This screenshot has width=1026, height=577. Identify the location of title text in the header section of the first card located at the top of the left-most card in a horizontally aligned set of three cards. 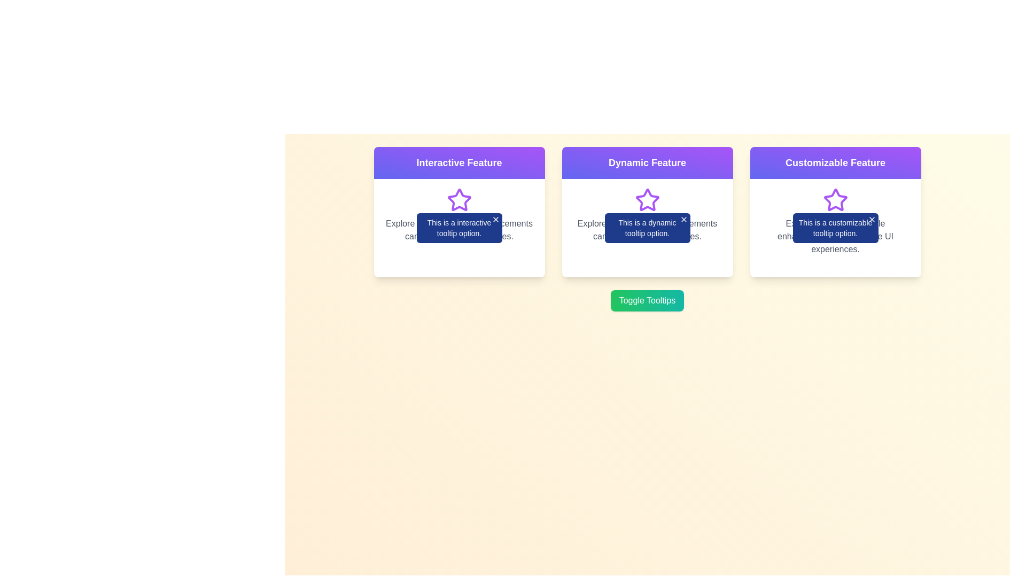
(459, 162).